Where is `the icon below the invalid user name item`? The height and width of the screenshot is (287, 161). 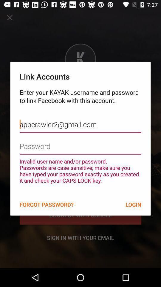 the icon below the invalid user name item is located at coordinates (133, 204).